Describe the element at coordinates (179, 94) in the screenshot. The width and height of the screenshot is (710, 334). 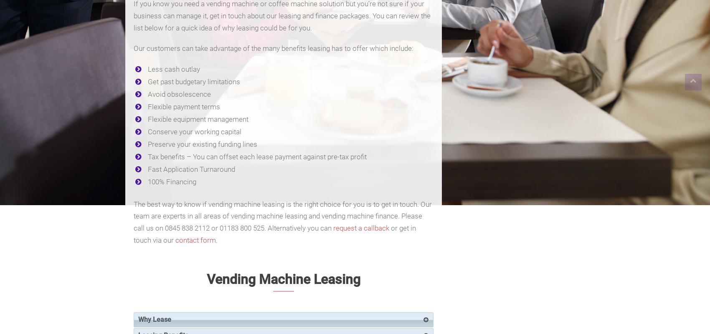
I see `'Avoid obsolescence'` at that location.